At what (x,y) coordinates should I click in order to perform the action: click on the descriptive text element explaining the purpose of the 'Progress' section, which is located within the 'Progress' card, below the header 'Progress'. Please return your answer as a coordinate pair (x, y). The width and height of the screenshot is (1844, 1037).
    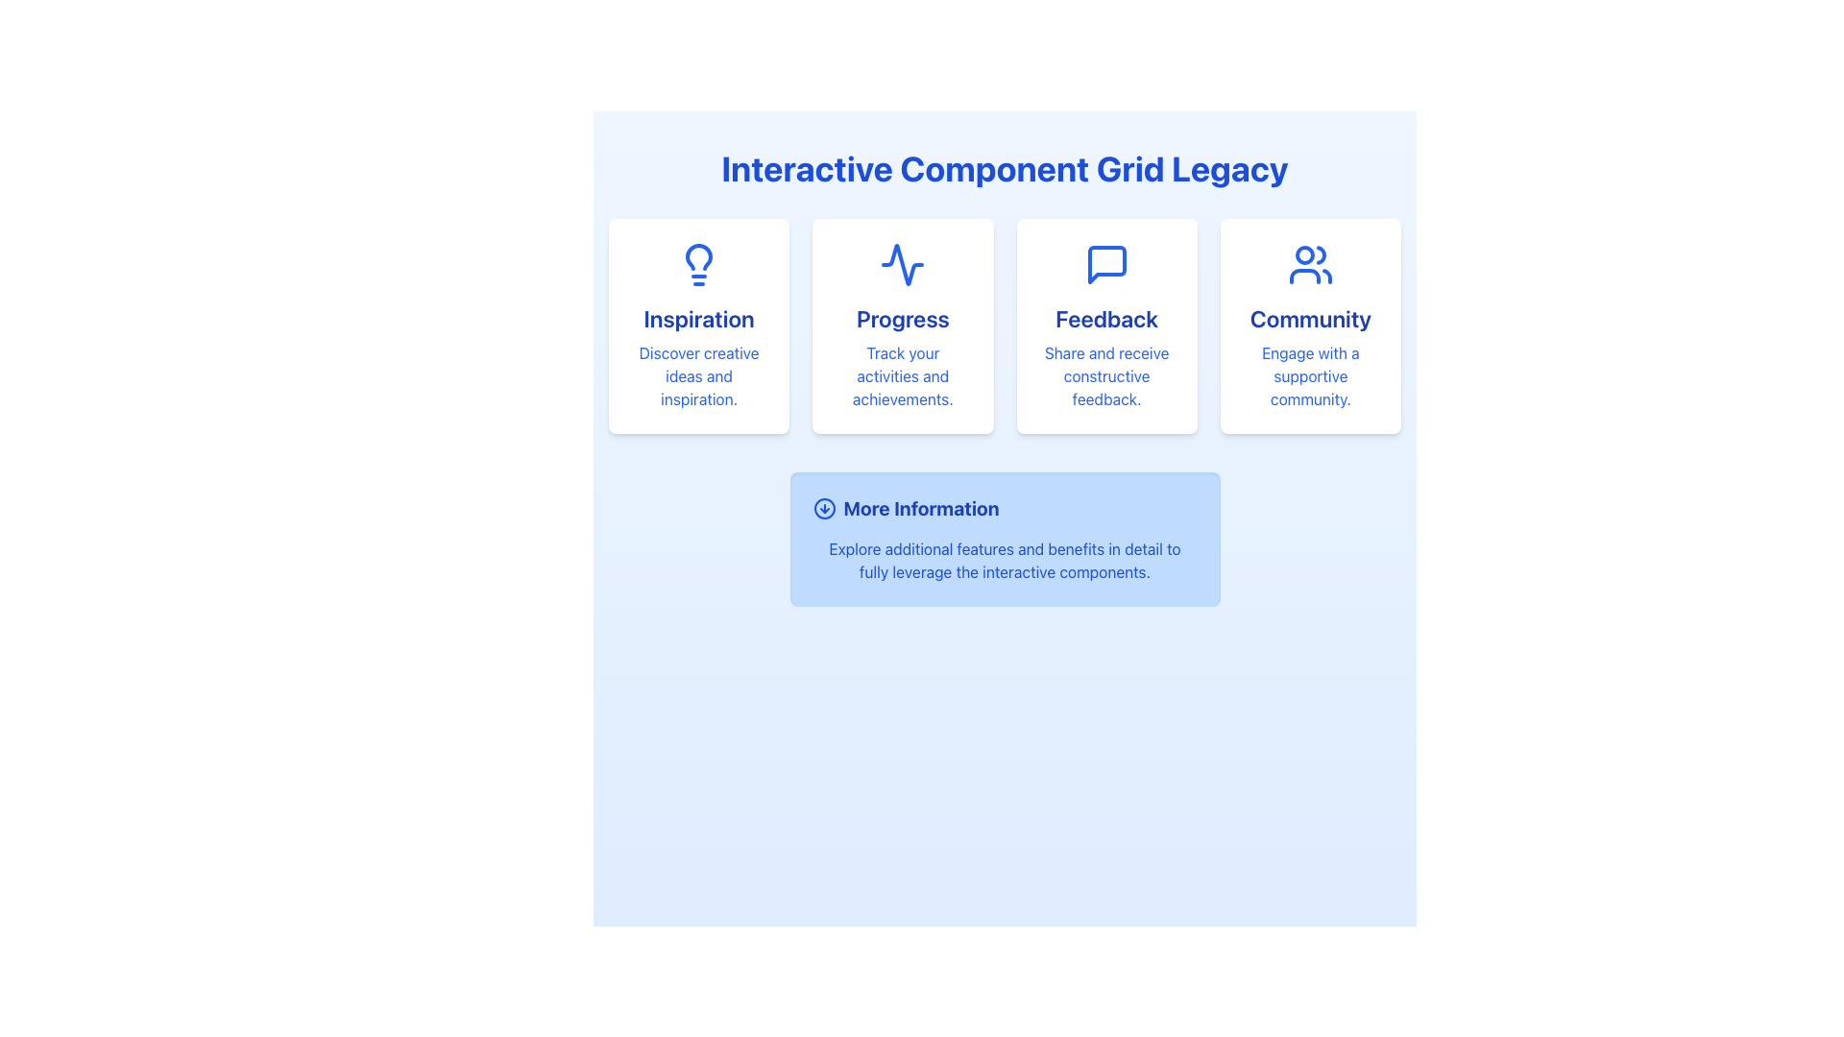
    Looking at the image, I should click on (902, 376).